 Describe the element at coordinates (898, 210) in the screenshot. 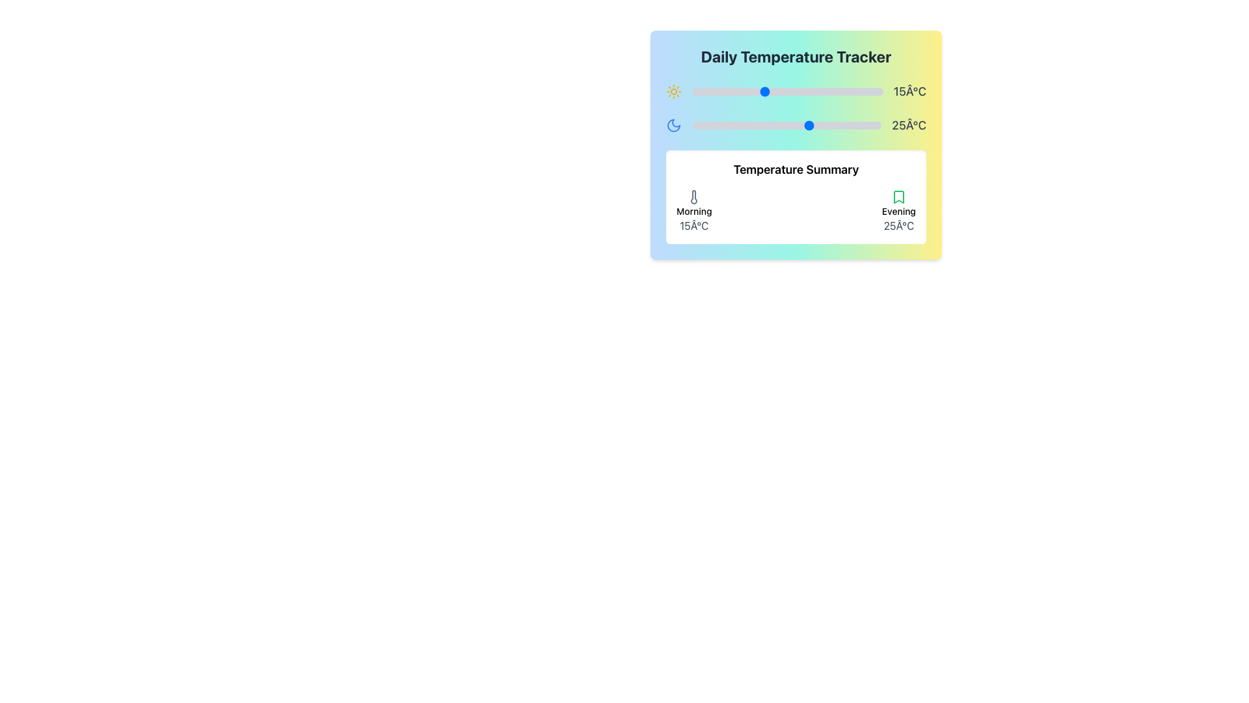

I see `the text label indicating the time of day in the 'Temperature Summary' section, which is centrally positioned above '25Â°C' and to the right of the green bookmark icon` at that location.